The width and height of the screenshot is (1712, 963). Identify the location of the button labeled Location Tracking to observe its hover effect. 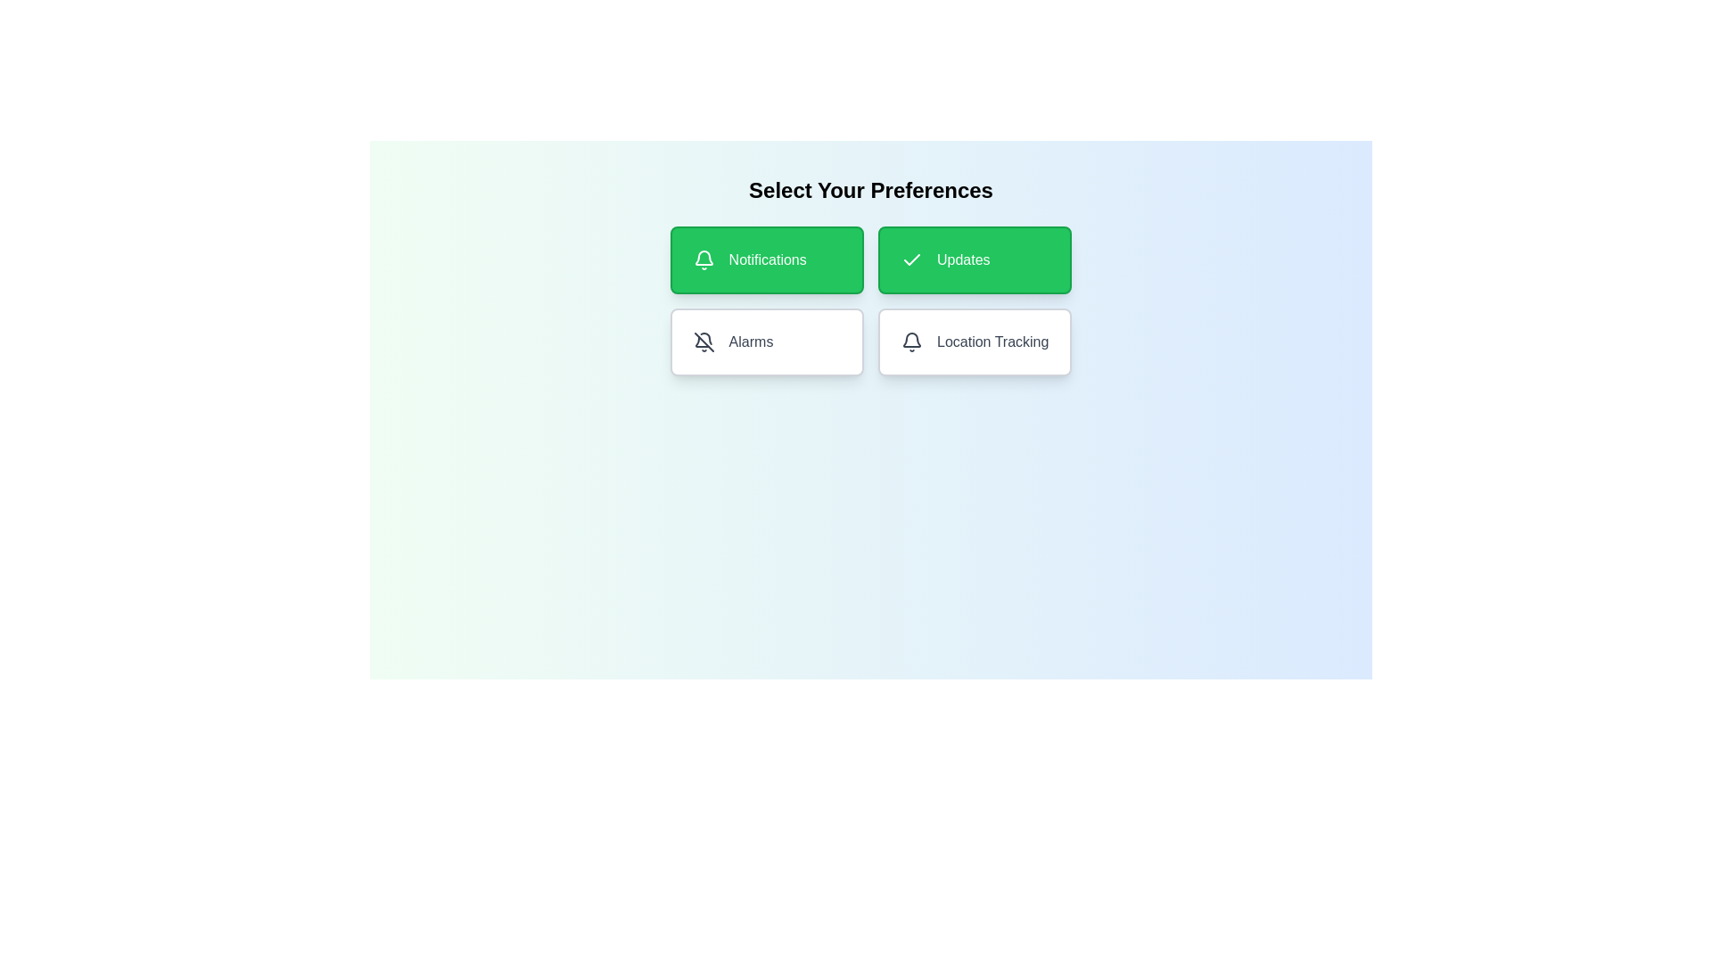
(975, 342).